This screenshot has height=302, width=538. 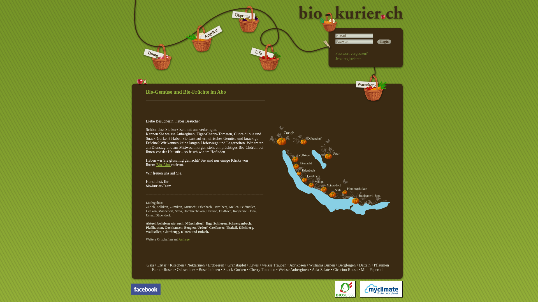 I want to click on 'Jetzt registrieren', so click(x=348, y=59).